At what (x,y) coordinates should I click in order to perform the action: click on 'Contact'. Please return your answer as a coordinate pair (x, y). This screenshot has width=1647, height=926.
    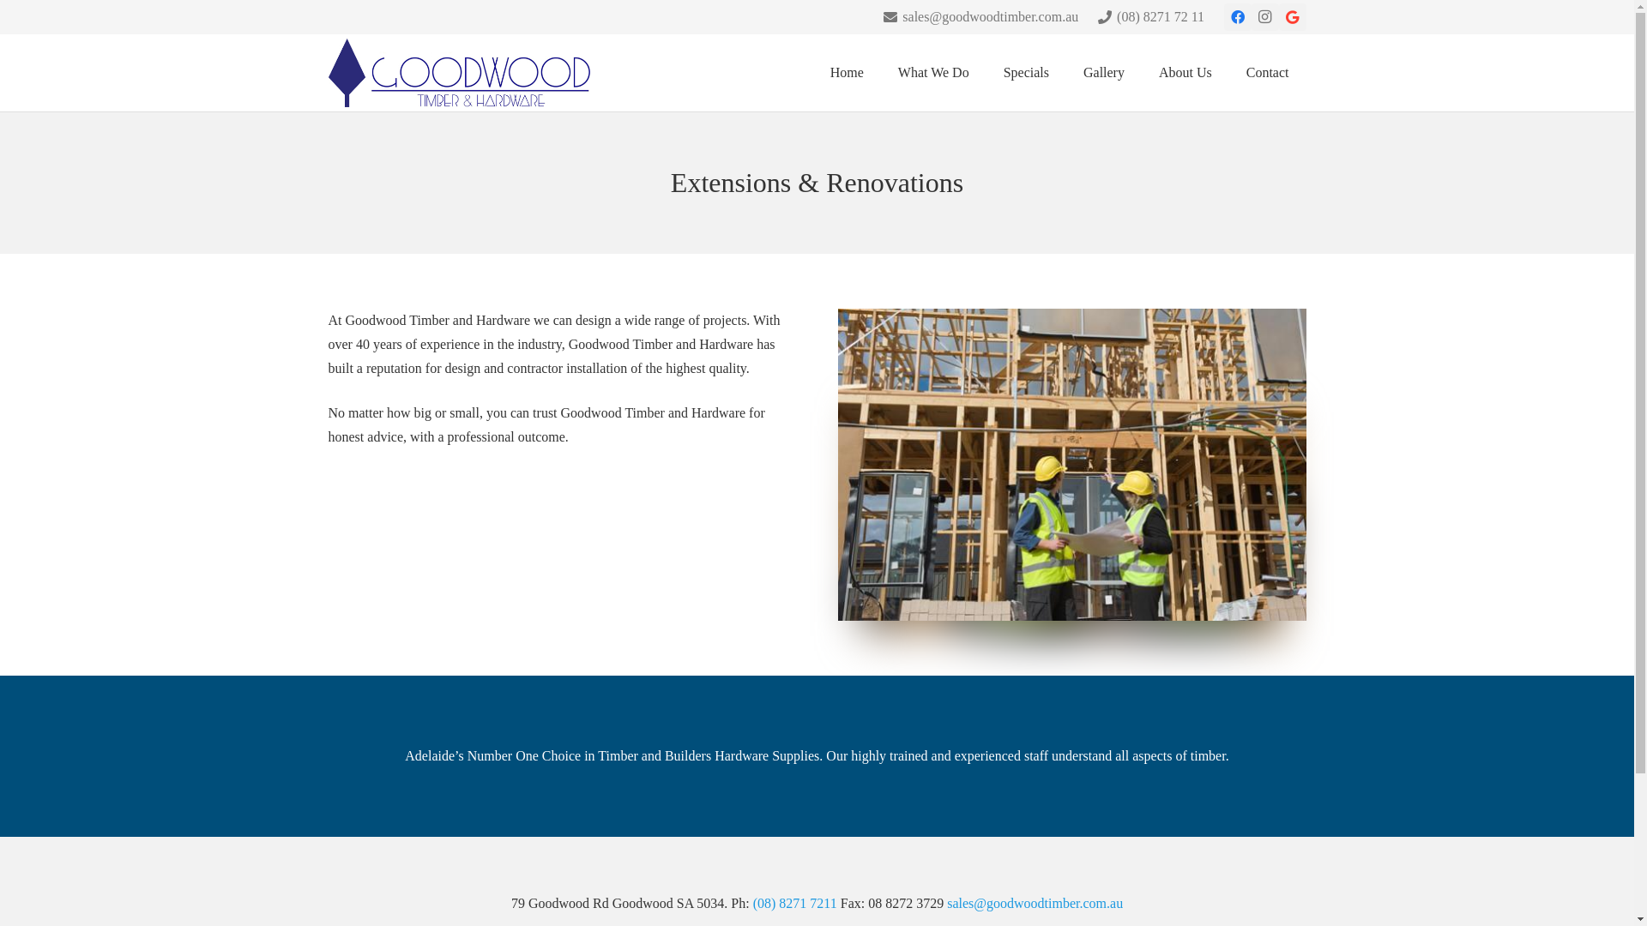
    Looking at the image, I should click on (1268, 71).